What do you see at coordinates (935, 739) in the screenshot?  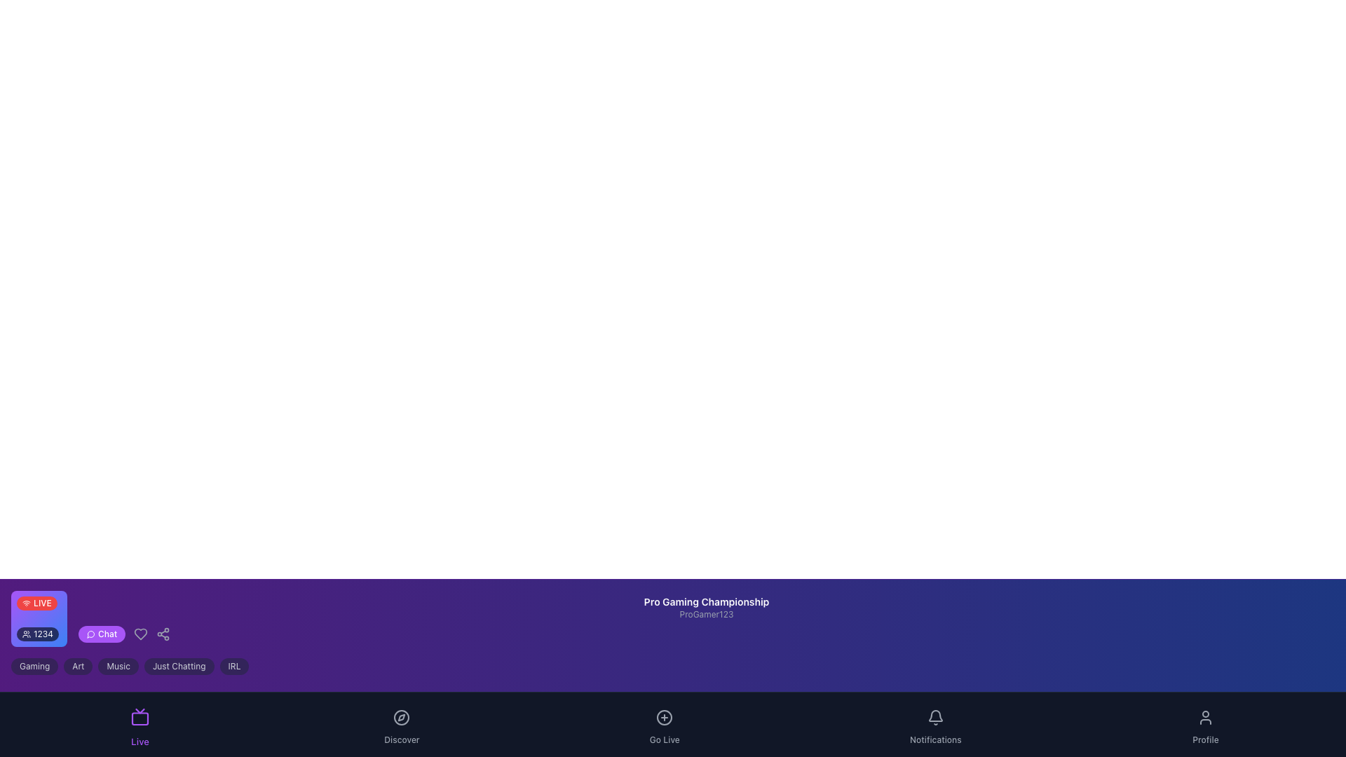 I see `the 'Notifications' text label, which is a small, medium-weight, gray-colored font located centrally beneath a bell icon in the navigation bar` at bounding box center [935, 739].